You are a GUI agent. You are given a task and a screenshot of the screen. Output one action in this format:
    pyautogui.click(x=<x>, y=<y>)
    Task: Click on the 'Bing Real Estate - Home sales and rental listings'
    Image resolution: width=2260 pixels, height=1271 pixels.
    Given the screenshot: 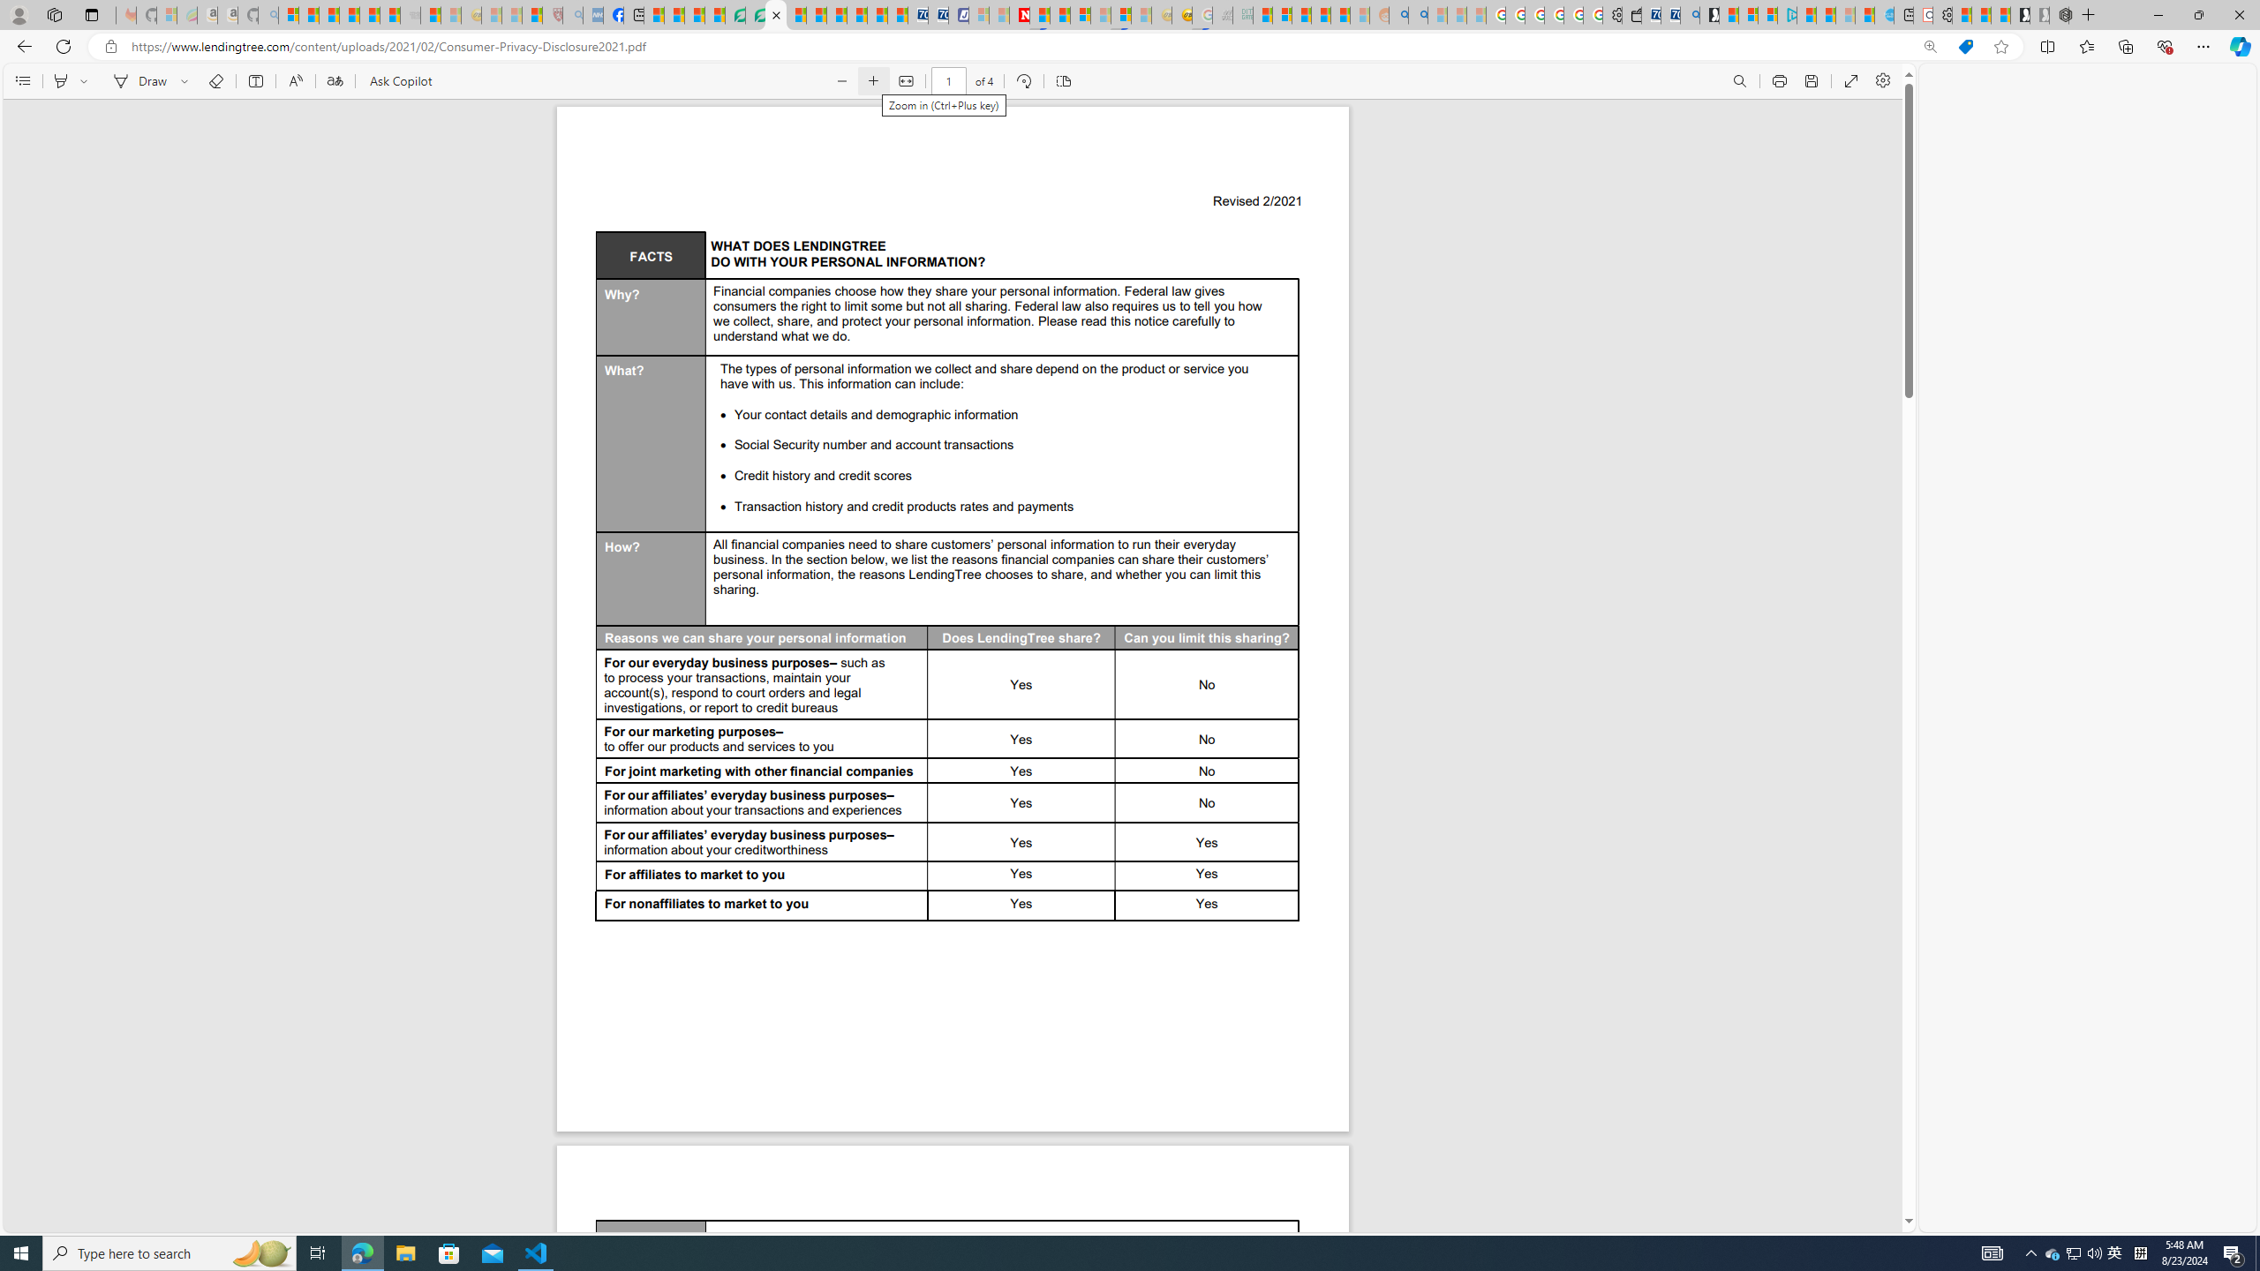 What is the action you would take?
    pyautogui.click(x=1688, y=14)
    